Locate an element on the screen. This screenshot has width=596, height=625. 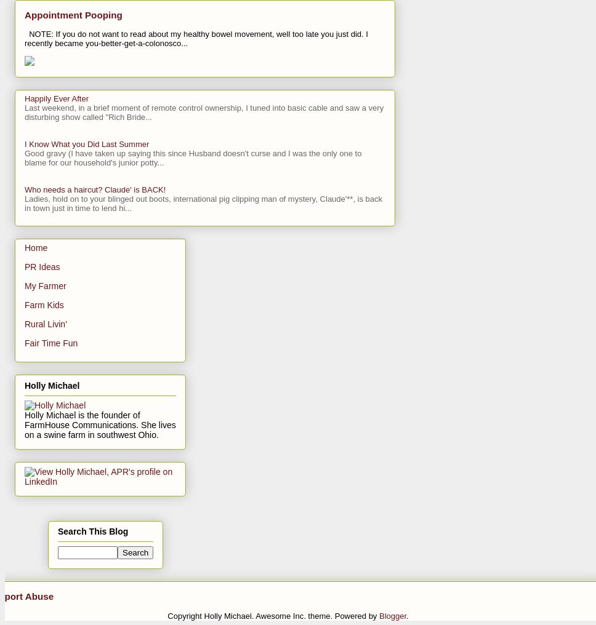
'.' is located at coordinates (407, 615).